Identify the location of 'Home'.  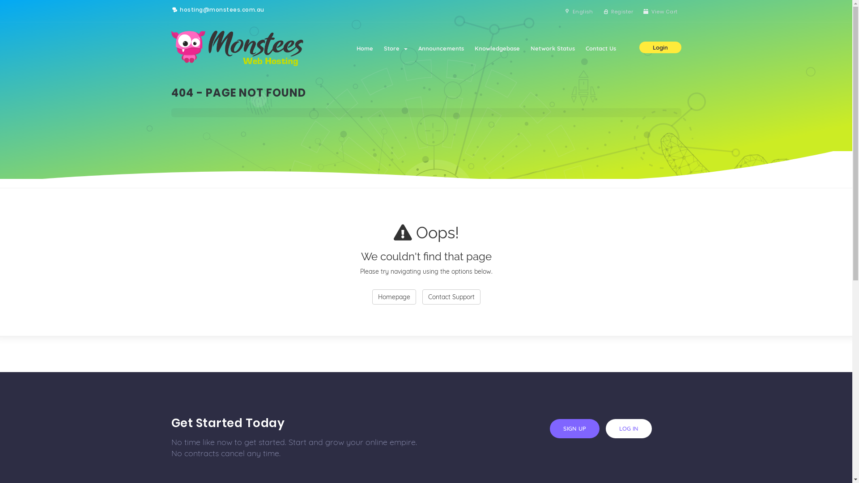
(364, 48).